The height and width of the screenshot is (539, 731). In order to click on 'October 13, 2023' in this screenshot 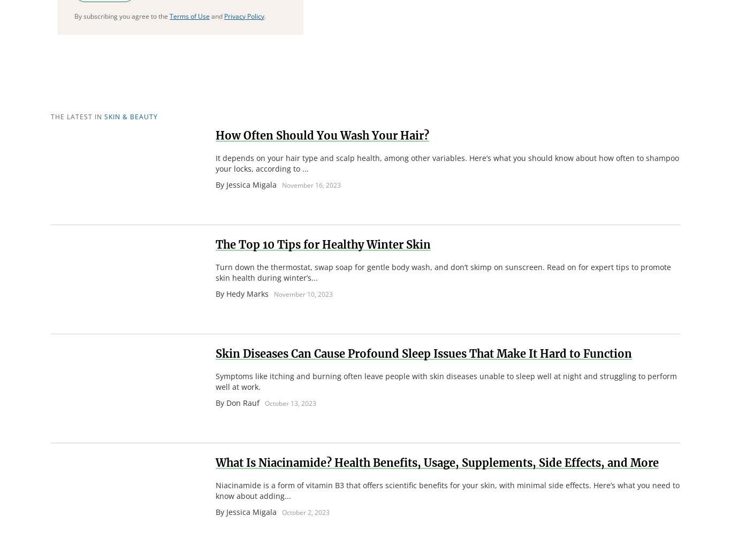, I will do `click(290, 403)`.